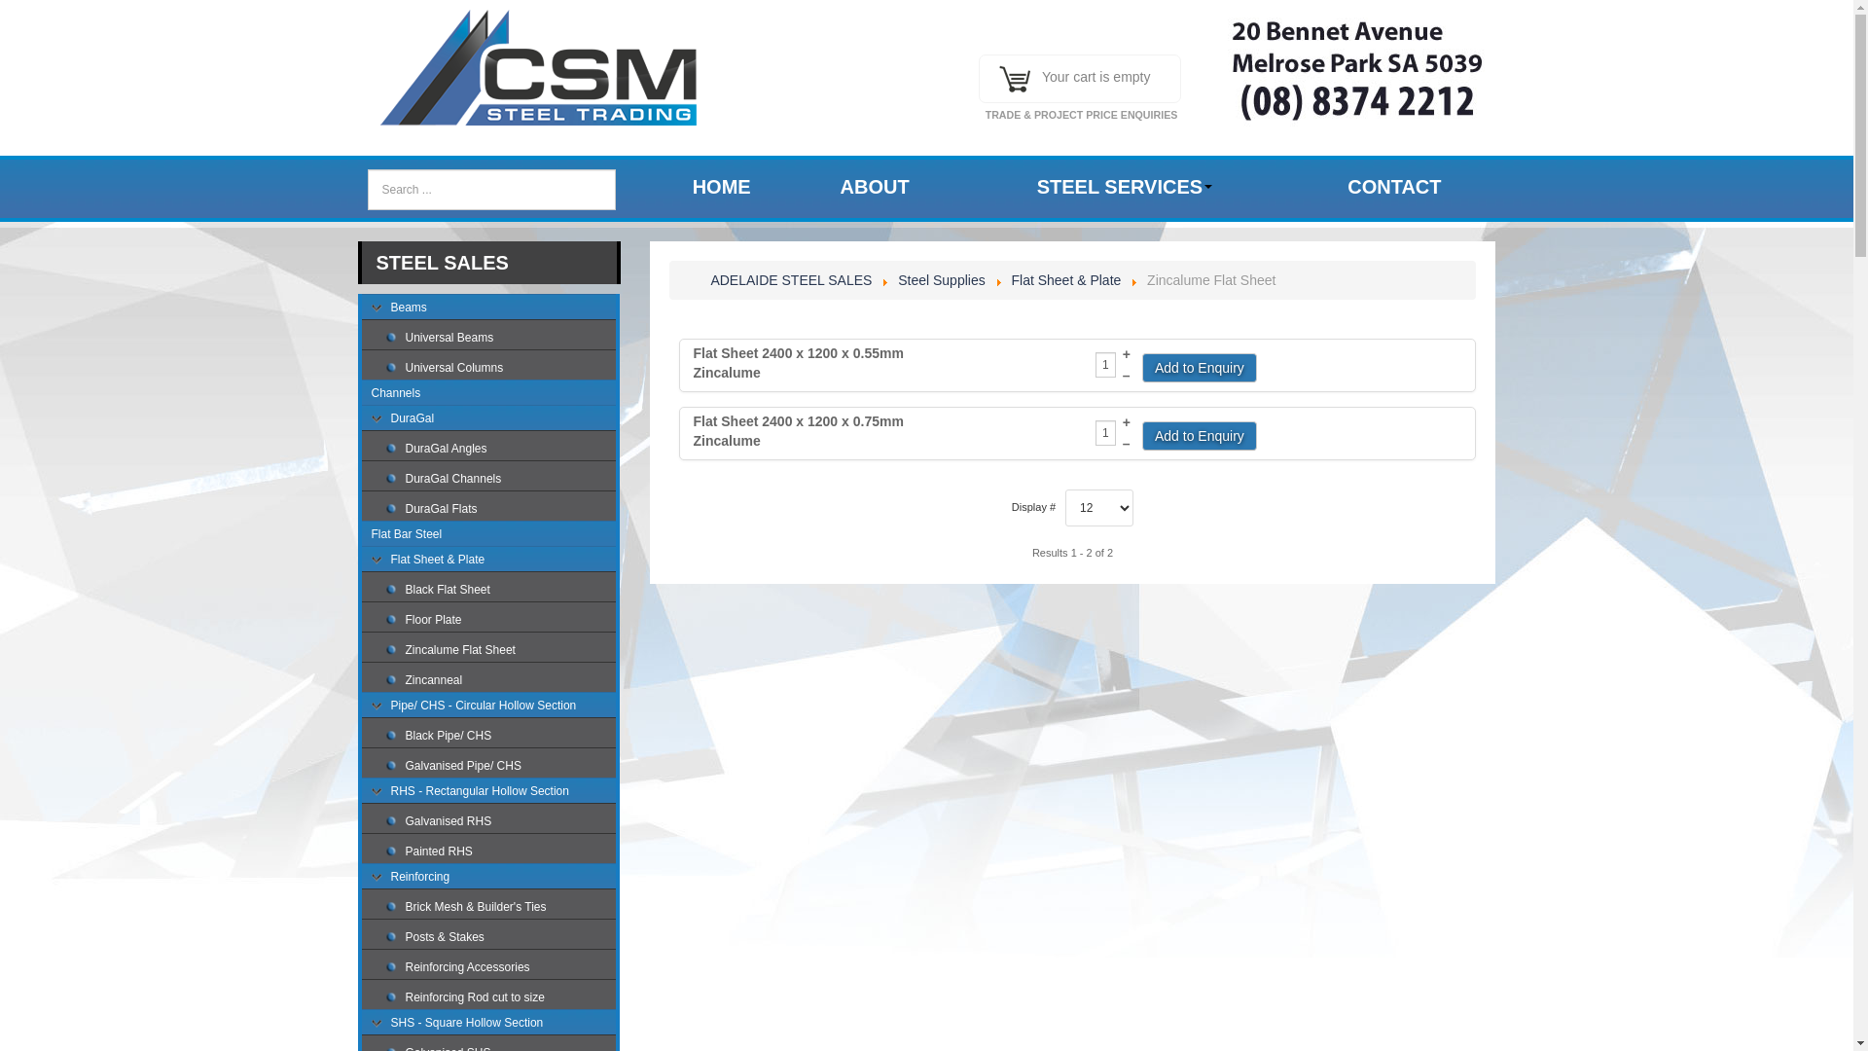 The width and height of the screenshot is (1868, 1051). Describe the element at coordinates (500, 591) in the screenshot. I see `'Black Flat Sheet'` at that location.